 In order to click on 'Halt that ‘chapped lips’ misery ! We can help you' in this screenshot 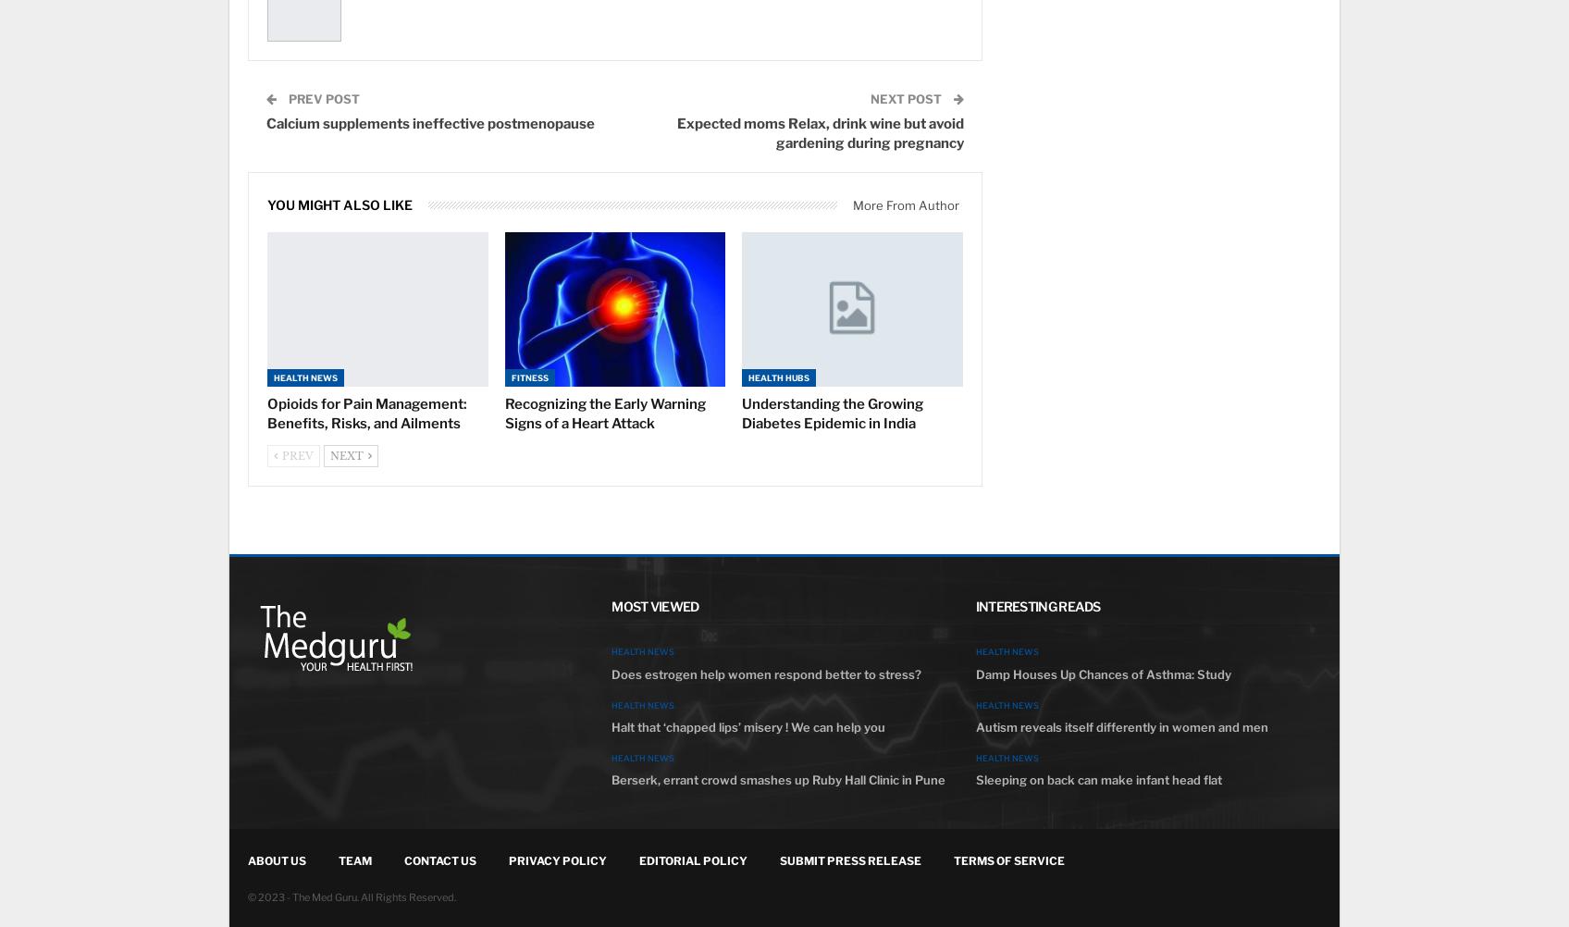, I will do `click(747, 724)`.